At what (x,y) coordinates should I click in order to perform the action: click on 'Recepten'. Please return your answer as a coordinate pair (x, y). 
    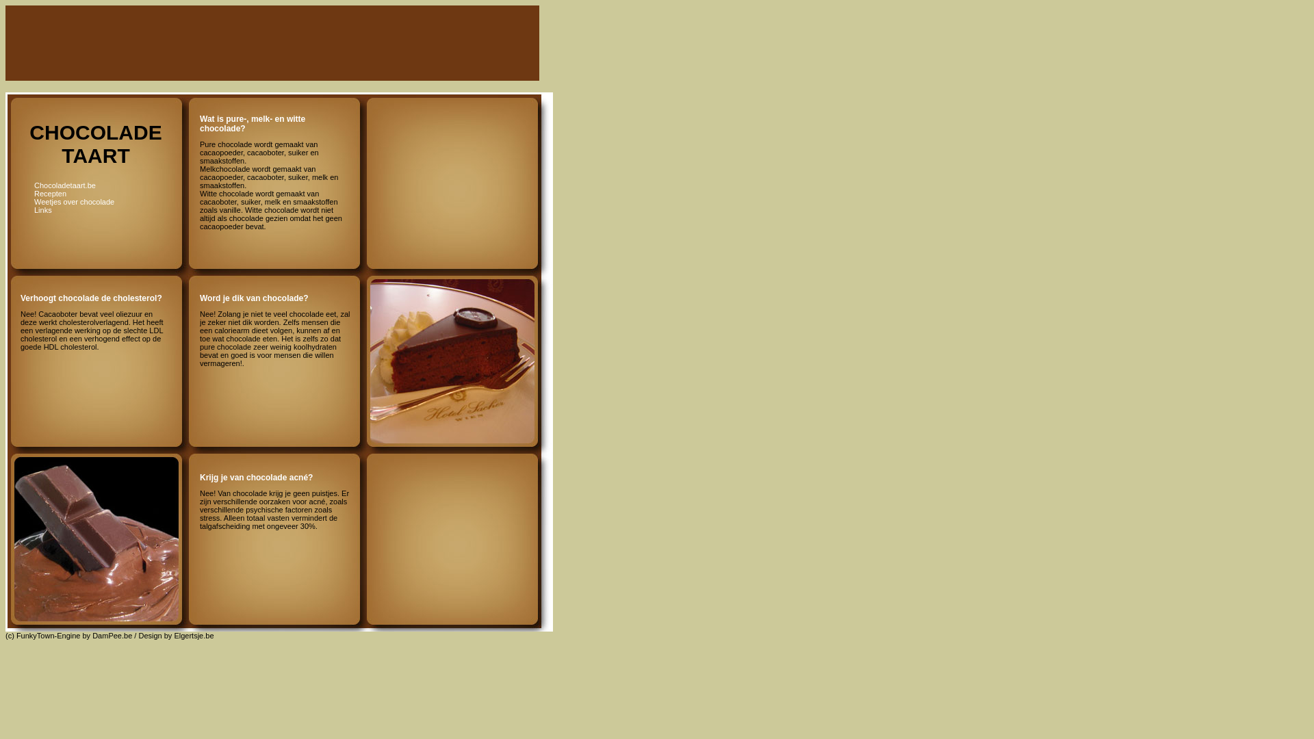
    Looking at the image, I should click on (50, 193).